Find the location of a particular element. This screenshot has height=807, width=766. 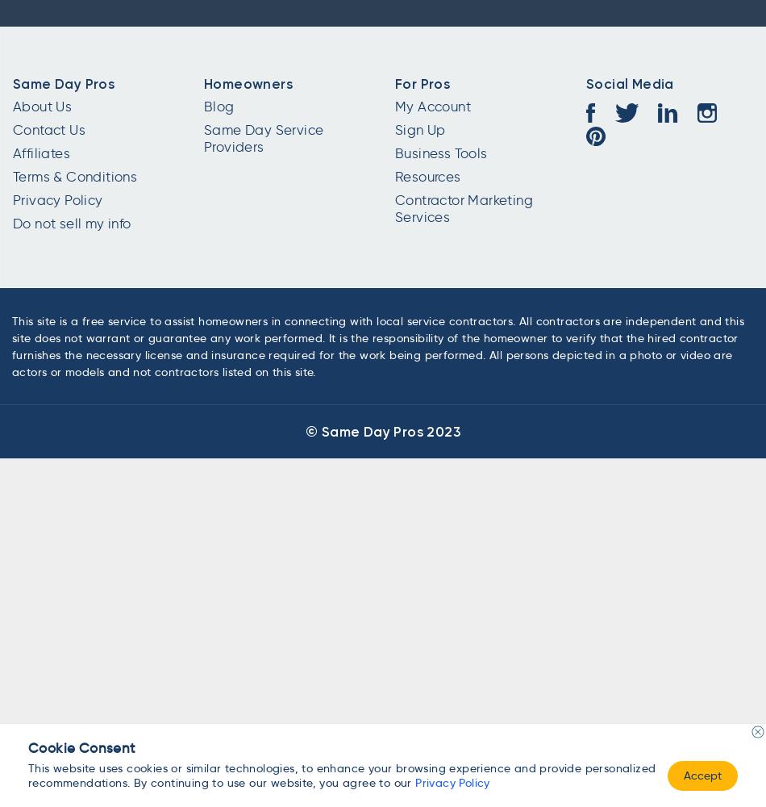

'Cookie Consent' is located at coordinates (81, 748).